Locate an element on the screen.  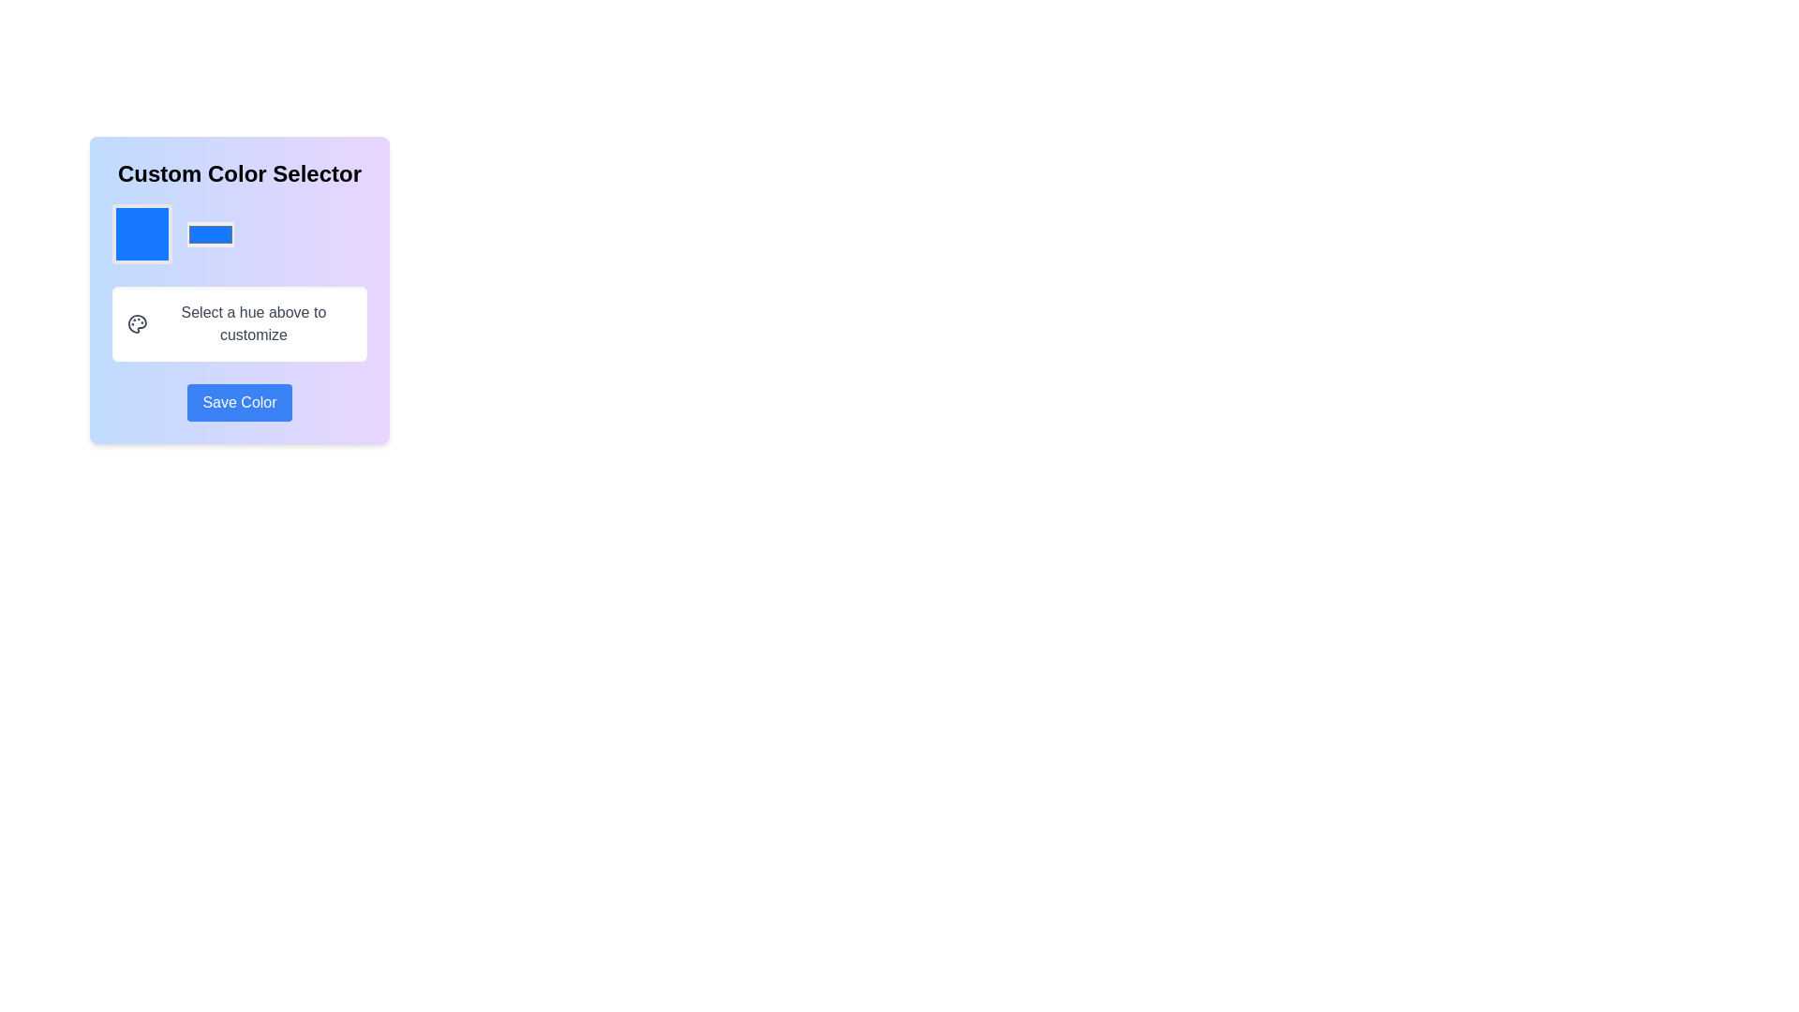
the save button located at the bottom of the styled rectangular card is located at coordinates (238, 401).